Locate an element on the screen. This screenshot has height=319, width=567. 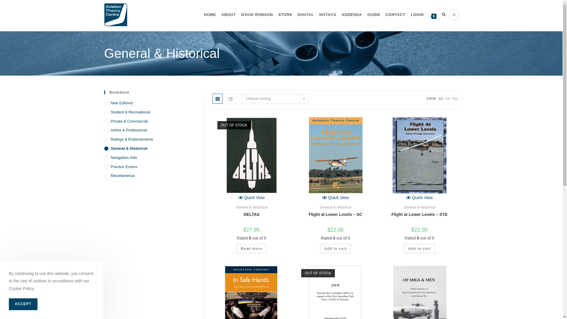
'Quick View' is located at coordinates (335, 197).